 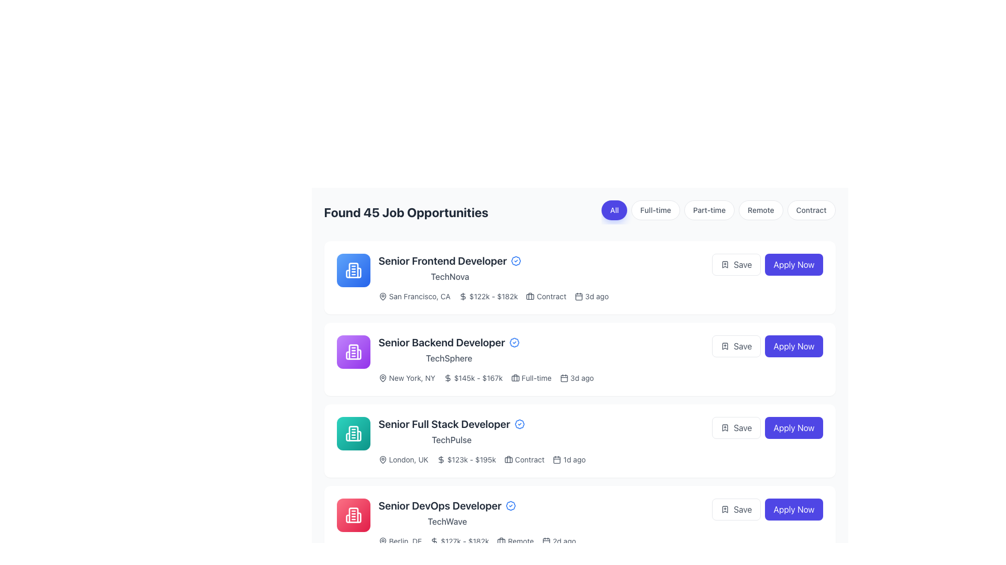 I want to click on the decorative graphical element that represents part of a building icon located in the bottom-right job posting tile, so click(x=347, y=518).